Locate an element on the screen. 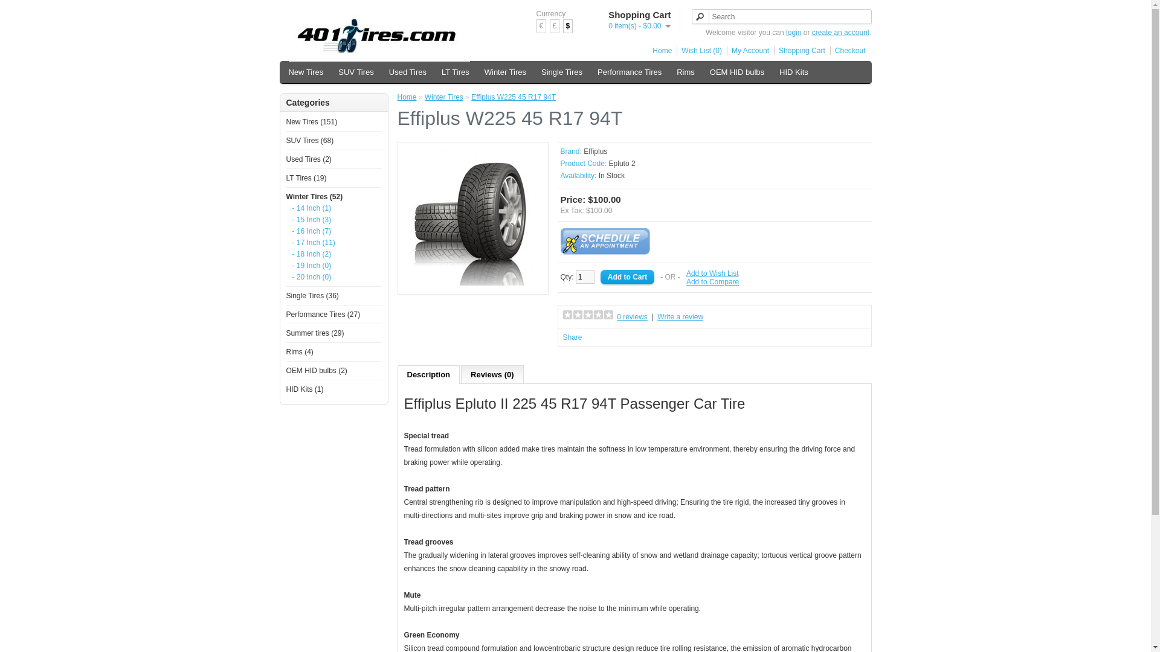 This screenshot has width=1160, height=652. 'Add to Compare' is located at coordinates (712, 281).